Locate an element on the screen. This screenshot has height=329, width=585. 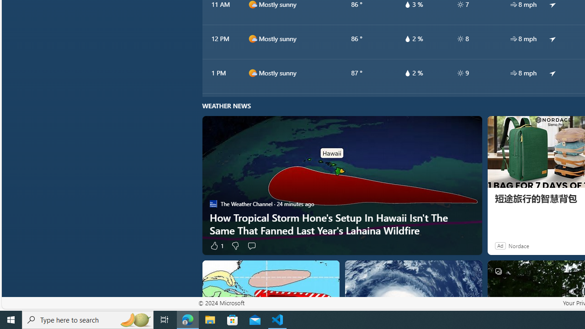
'hourlyTable/uv' is located at coordinates (460, 72).